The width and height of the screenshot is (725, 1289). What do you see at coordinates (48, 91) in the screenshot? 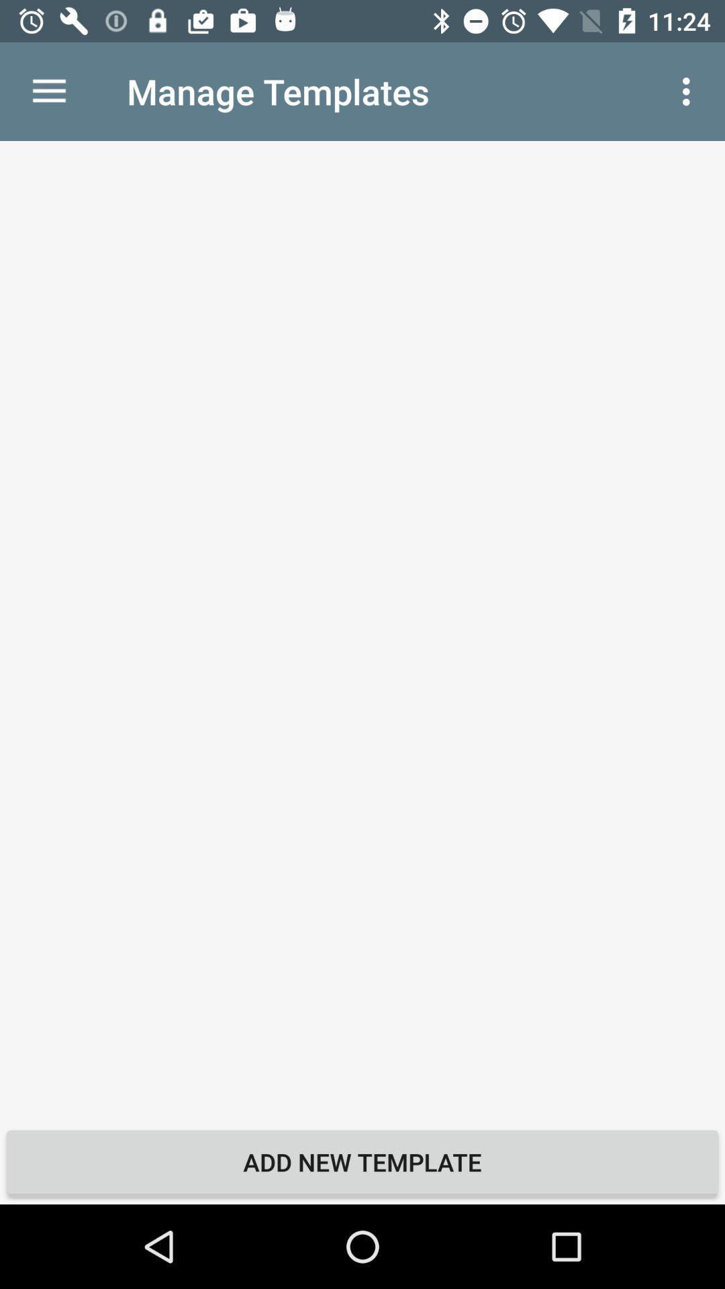
I see `item next to manage templates item` at bounding box center [48, 91].